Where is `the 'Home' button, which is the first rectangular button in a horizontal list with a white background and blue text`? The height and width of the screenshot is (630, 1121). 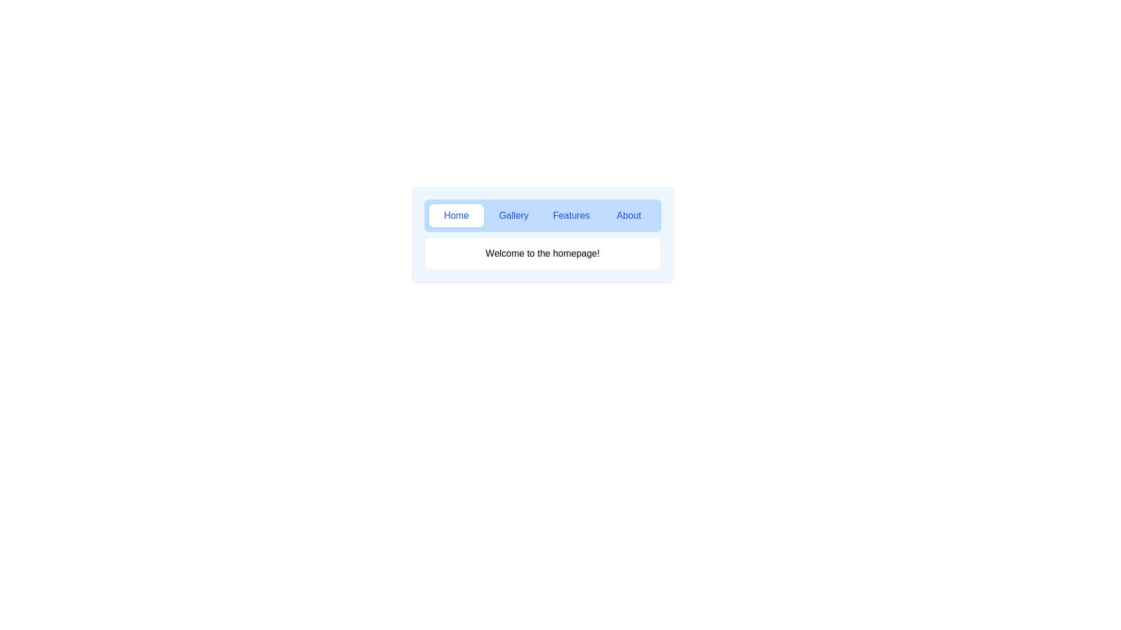
the 'Home' button, which is the first rectangular button in a horizontal list with a white background and blue text is located at coordinates (455, 216).